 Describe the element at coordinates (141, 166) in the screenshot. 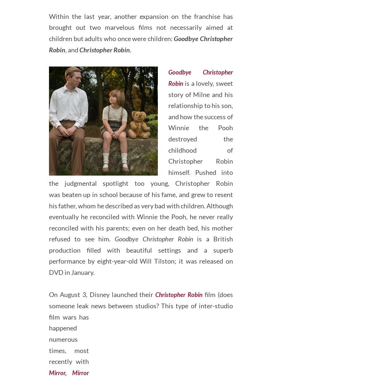

I see `'is a lovely, sweet story of Milne and his relationship to his son, and how the success of Winnie the Pooh destroyed the childhood of Christopher Robin himself. Pushed into the judgmental spotlight too young, Christopher Robin was'` at that location.